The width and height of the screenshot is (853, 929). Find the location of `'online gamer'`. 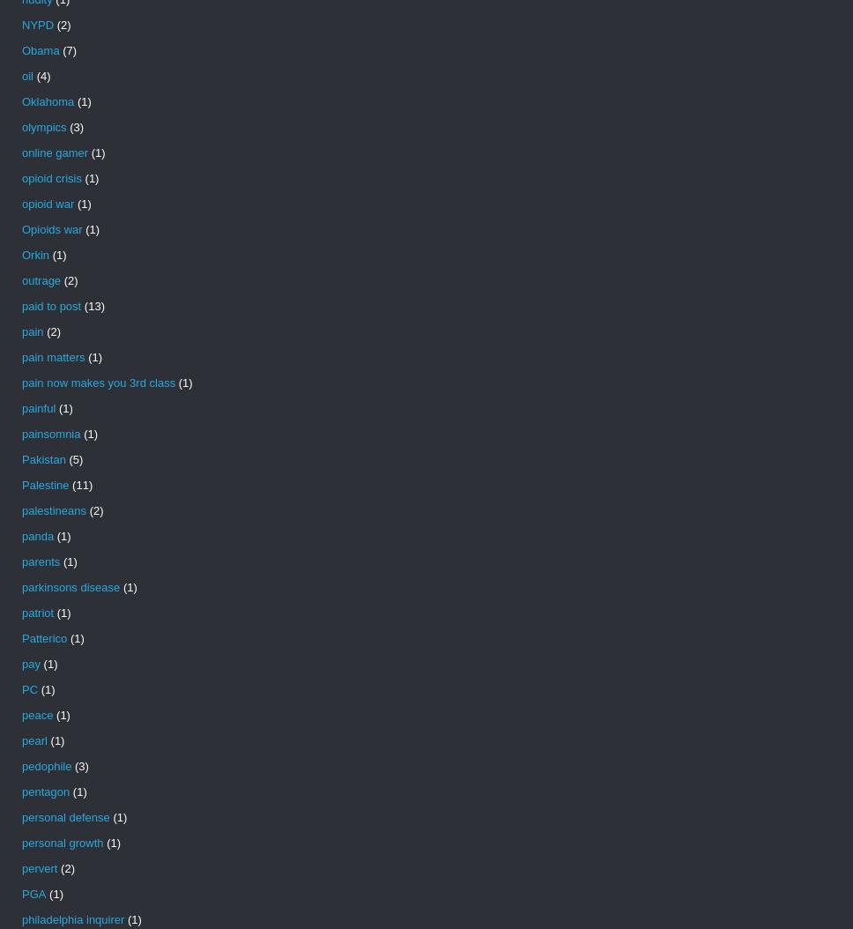

'online gamer' is located at coordinates (54, 152).